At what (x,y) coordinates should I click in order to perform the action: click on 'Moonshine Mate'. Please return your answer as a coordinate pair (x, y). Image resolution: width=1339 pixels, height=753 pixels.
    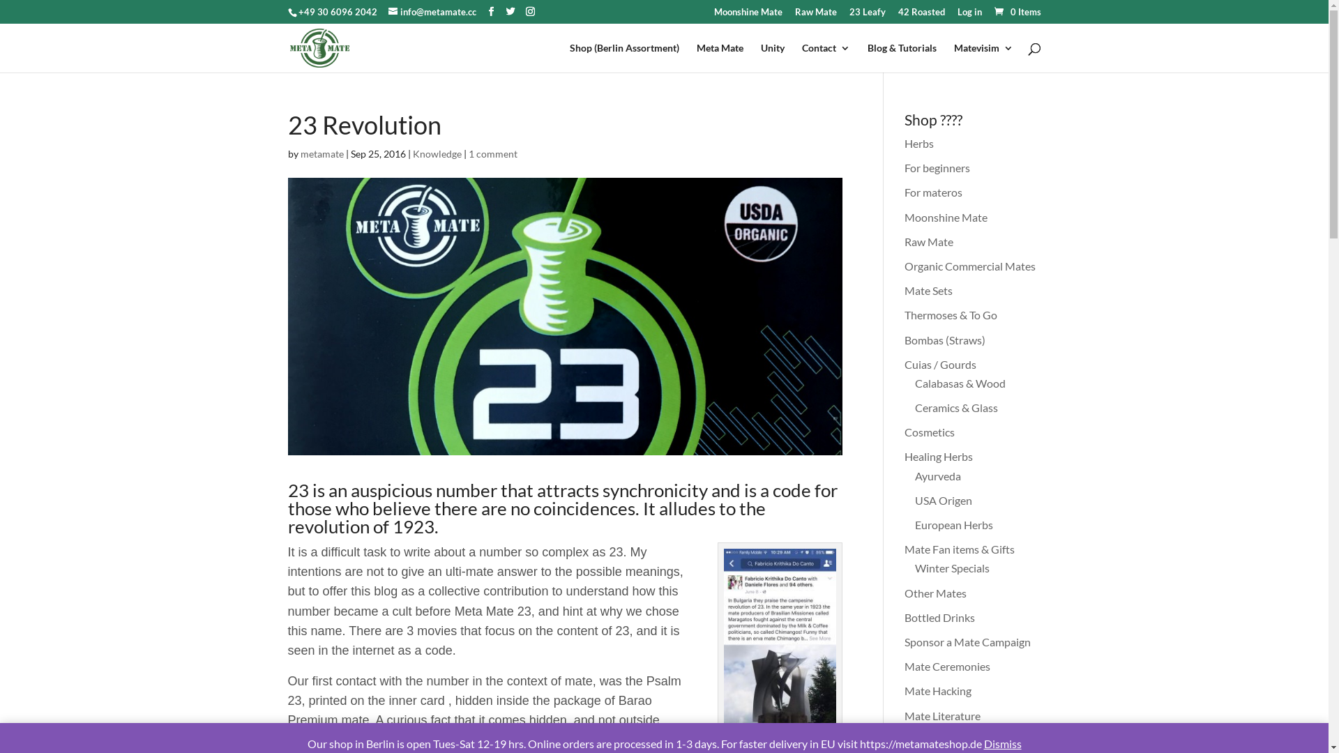
    Looking at the image, I should click on (946, 217).